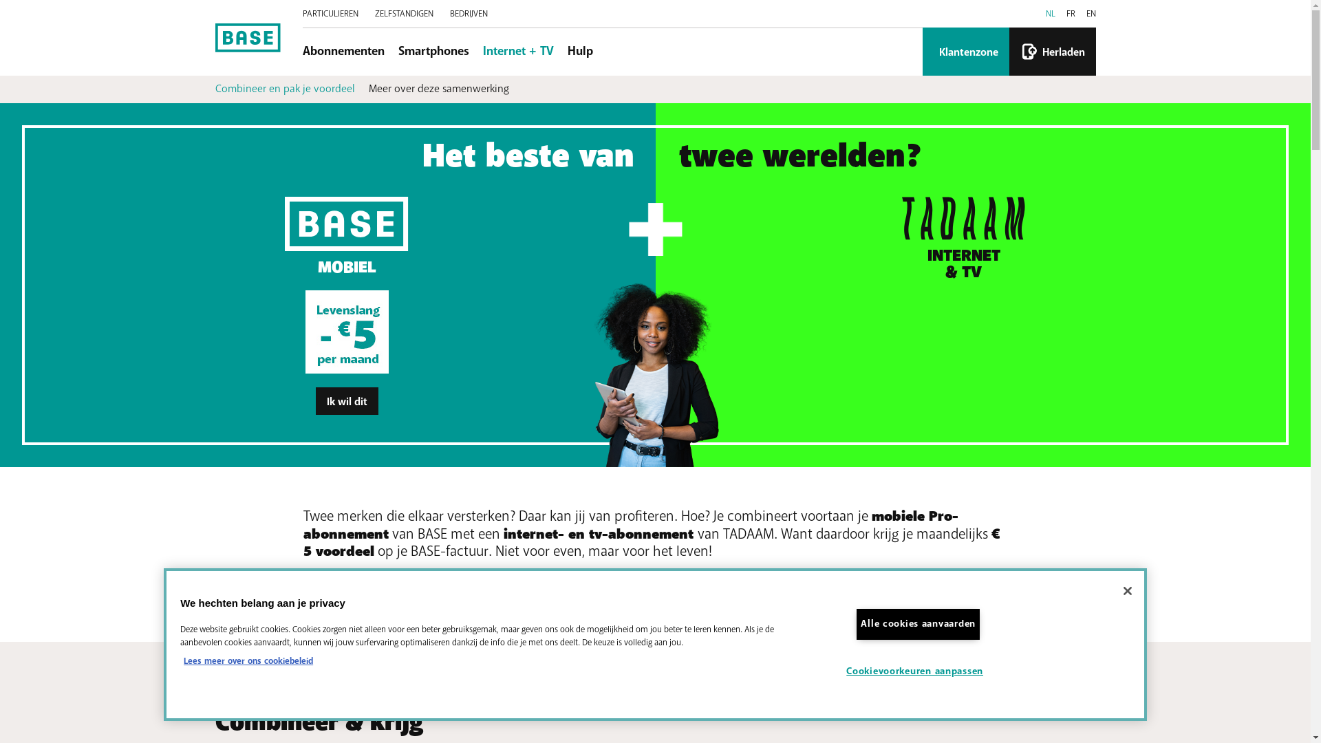 The width and height of the screenshot is (1321, 743). Describe the element at coordinates (517, 51) in the screenshot. I see `'Internet + TV'` at that location.